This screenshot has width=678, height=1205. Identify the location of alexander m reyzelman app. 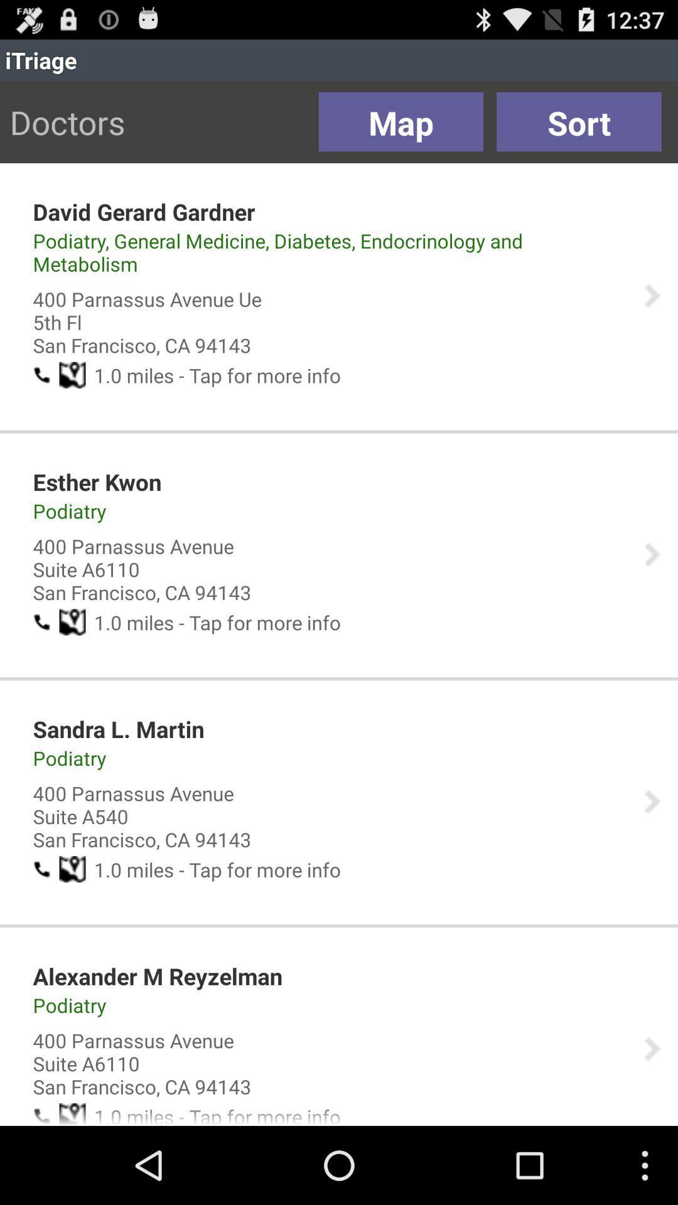
(157, 975).